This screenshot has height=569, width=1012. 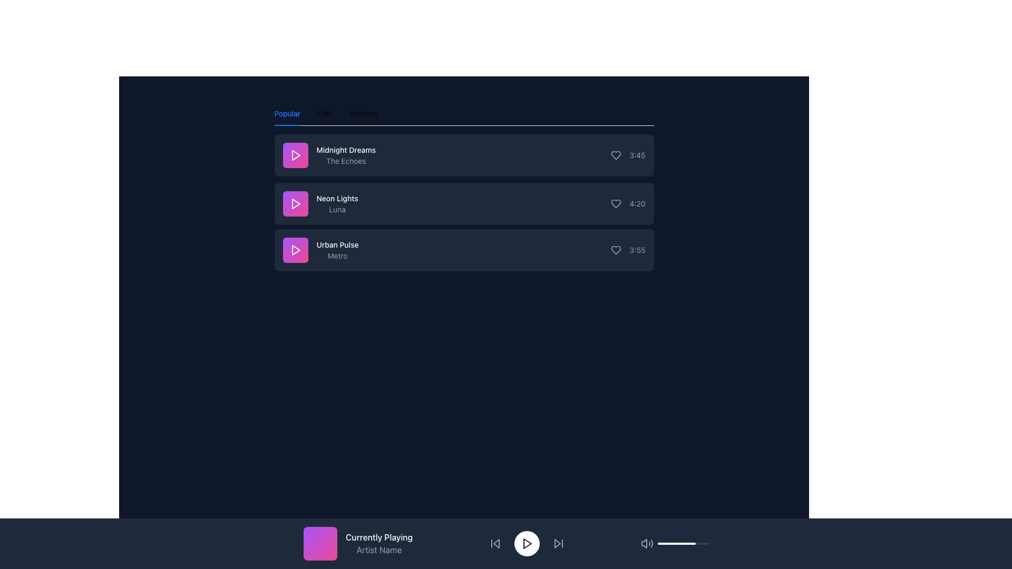 I want to click on the static text label displaying the duration of the first track in the playlist, so click(x=637, y=155).